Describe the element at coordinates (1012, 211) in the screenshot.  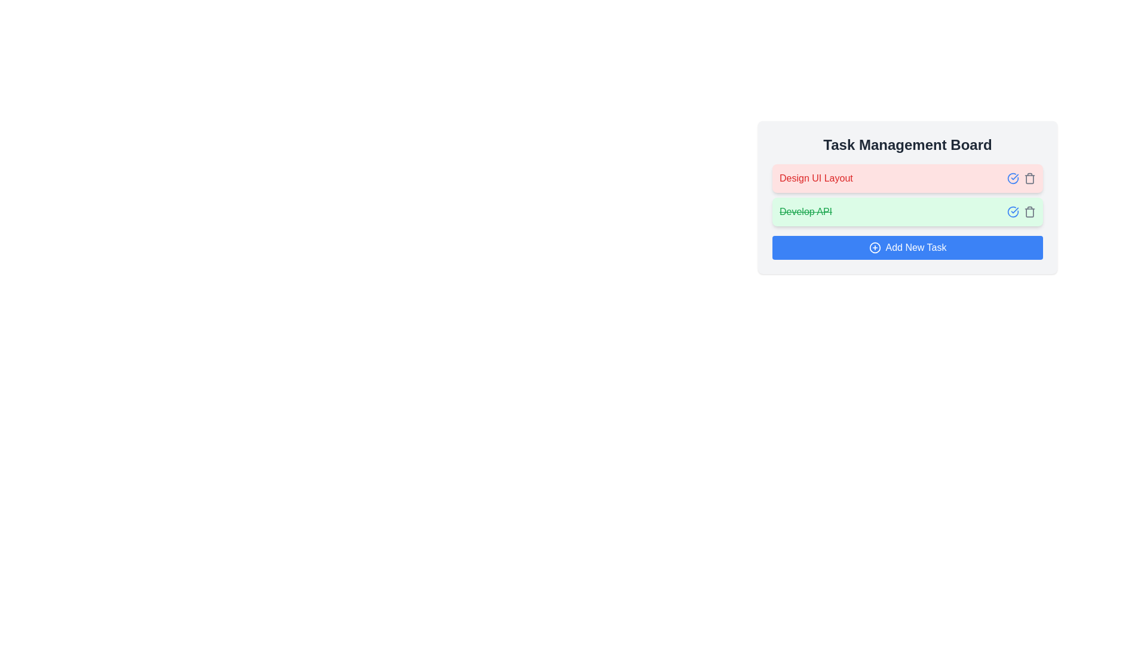
I see `the circular confirmation button with a blue stroke and checkmark inside, located in the top-right corner of the green-highlighted task item labeled 'Develop API'` at that location.